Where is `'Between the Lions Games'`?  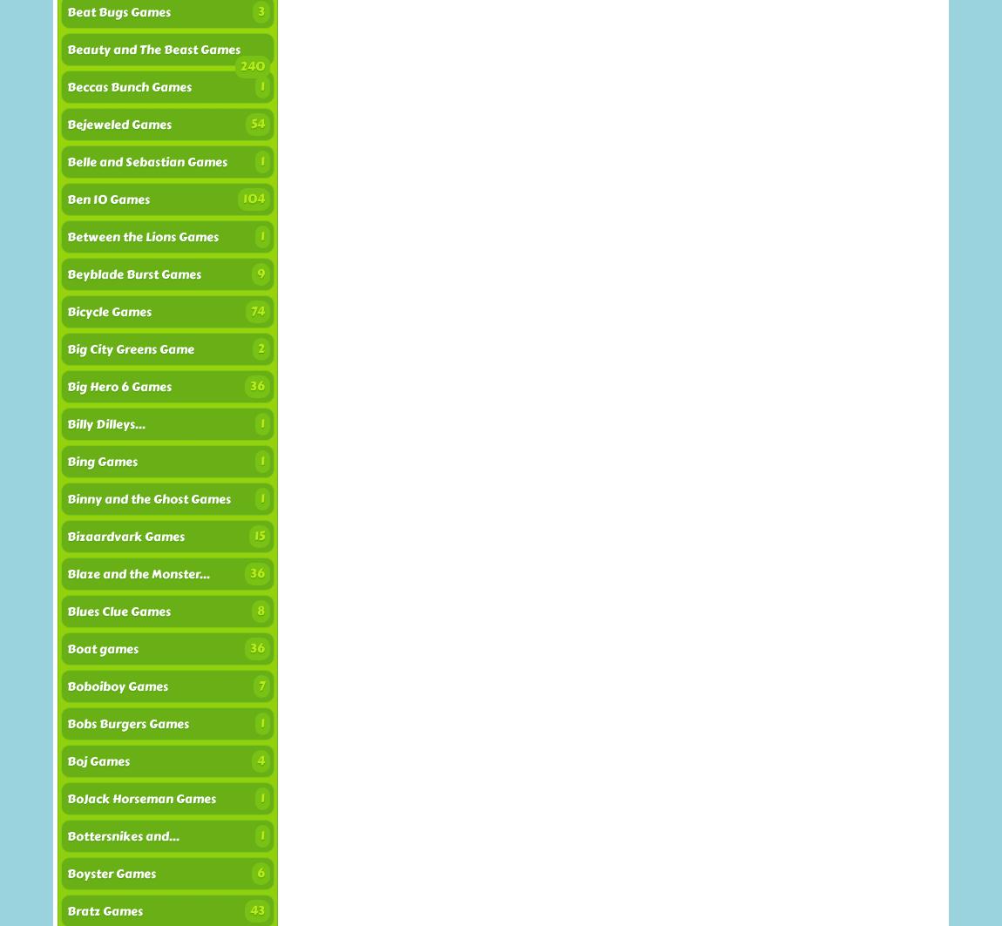
'Between the Lions Games' is located at coordinates (66, 237).